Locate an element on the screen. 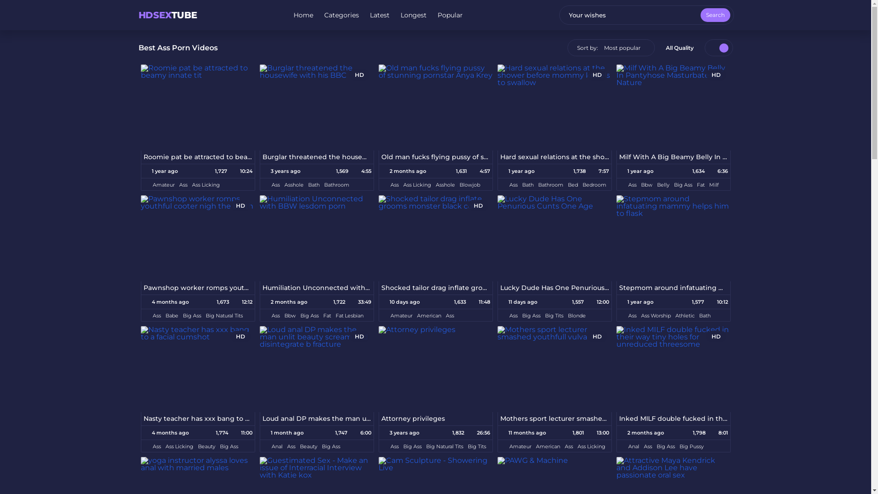 This screenshot has width=878, height=494. 'Anal' is located at coordinates (276, 446).